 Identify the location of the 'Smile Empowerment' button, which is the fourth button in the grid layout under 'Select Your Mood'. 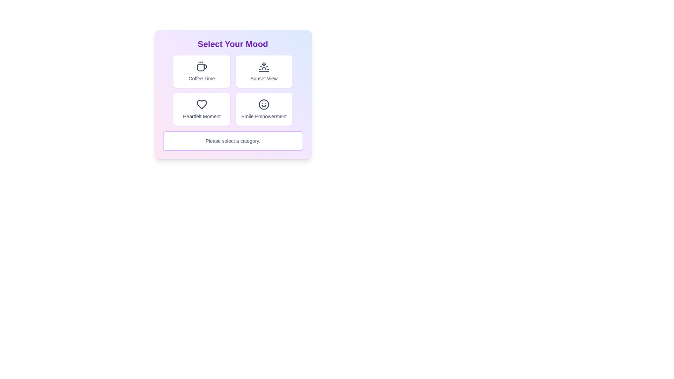
(264, 109).